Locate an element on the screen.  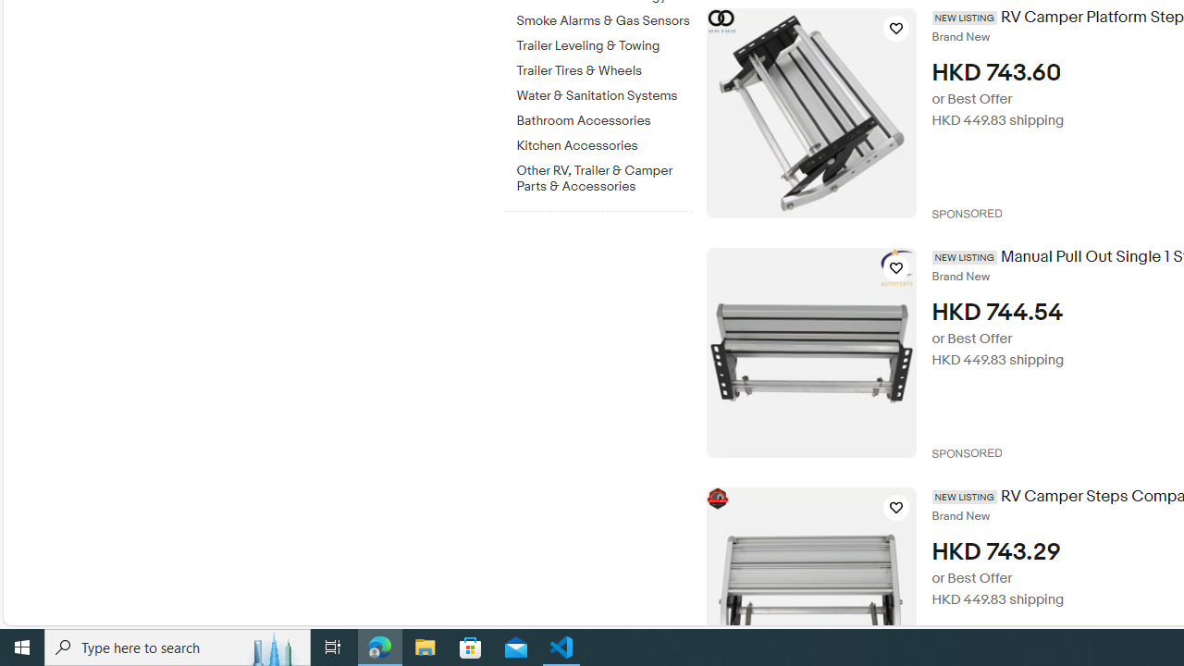
'Trailer Tires & Wheels' is located at coordinates (604, 70).